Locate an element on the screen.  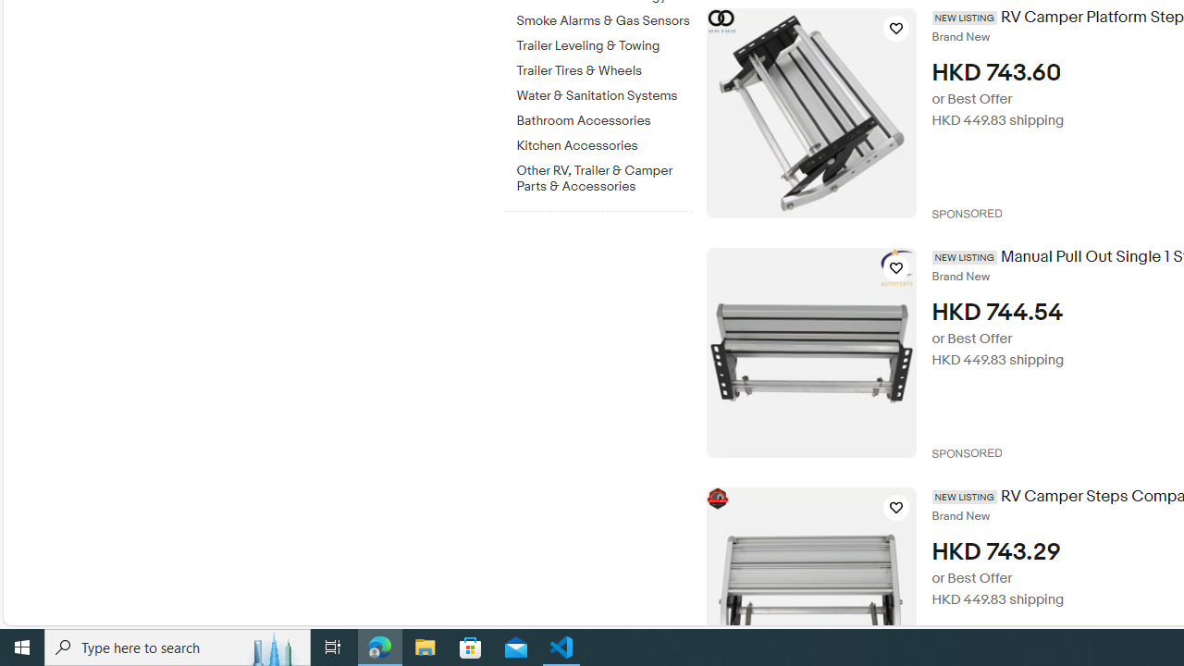
'Trailer Tires & Wheels' is located at coordinates (604, 70).